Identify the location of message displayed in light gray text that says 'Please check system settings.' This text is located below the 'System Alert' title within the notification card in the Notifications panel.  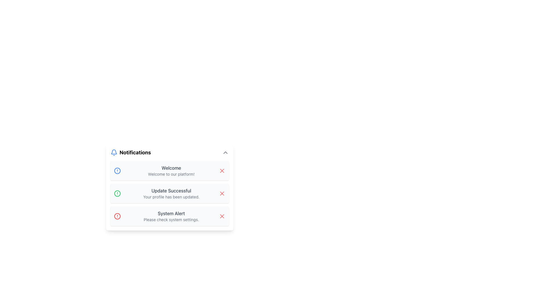
(171, 219).